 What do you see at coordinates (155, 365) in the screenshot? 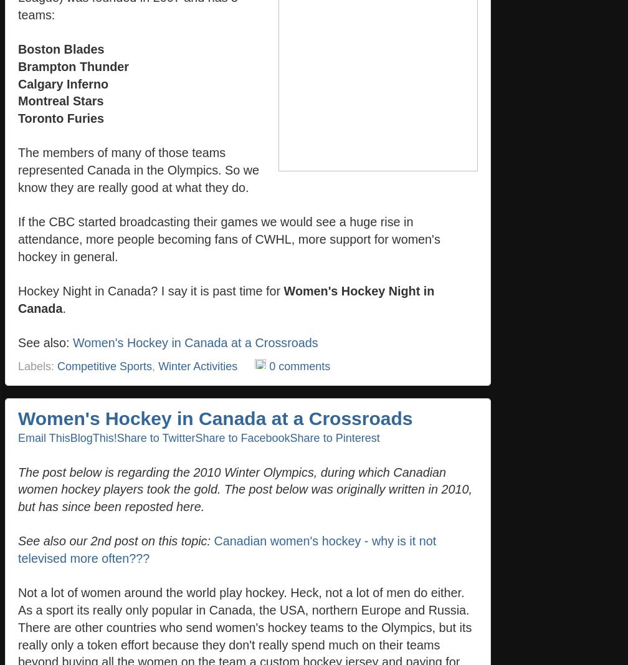
I see `','` at bounding box center [155, 365].